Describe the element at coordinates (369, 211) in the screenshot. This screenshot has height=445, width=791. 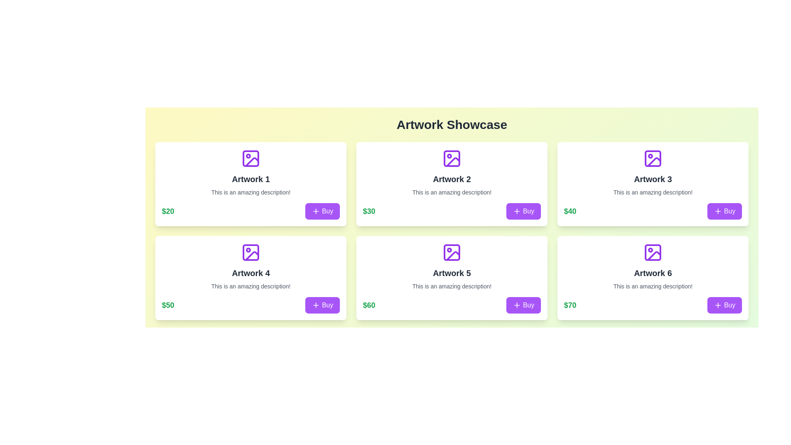
I see `the price displayed on the bold green text label showing '$30' located` at that location.